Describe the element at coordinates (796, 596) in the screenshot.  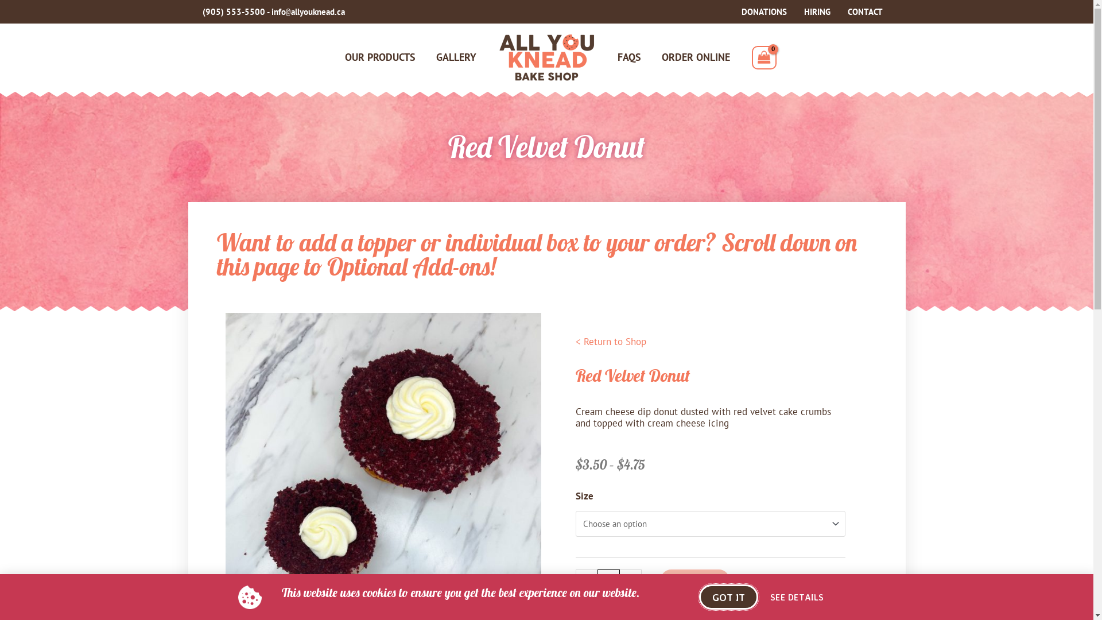
I see `'SEE DETAILS'` at that location.